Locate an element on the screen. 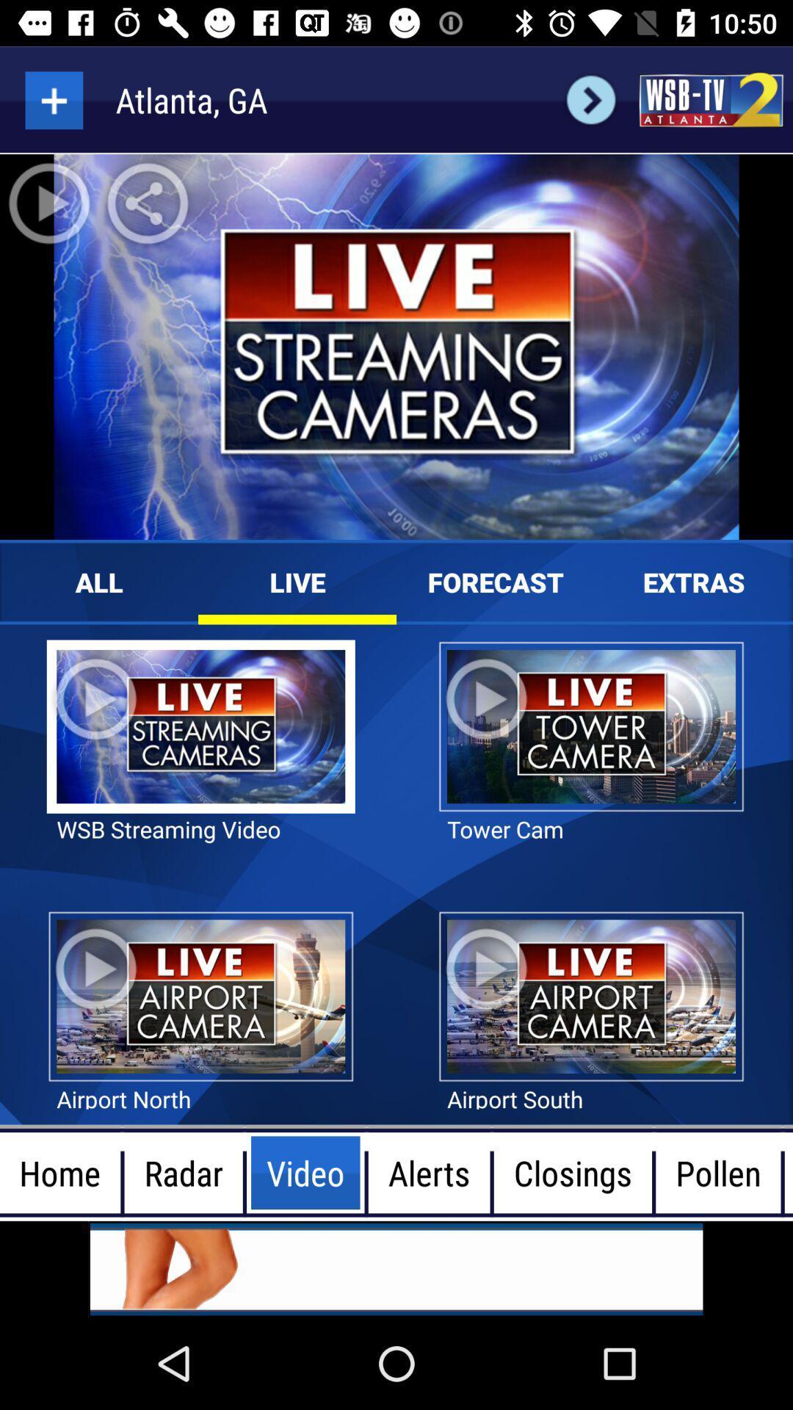 This screenshot has height=1410, width=793. previous page is located at coordinates (590, 99).